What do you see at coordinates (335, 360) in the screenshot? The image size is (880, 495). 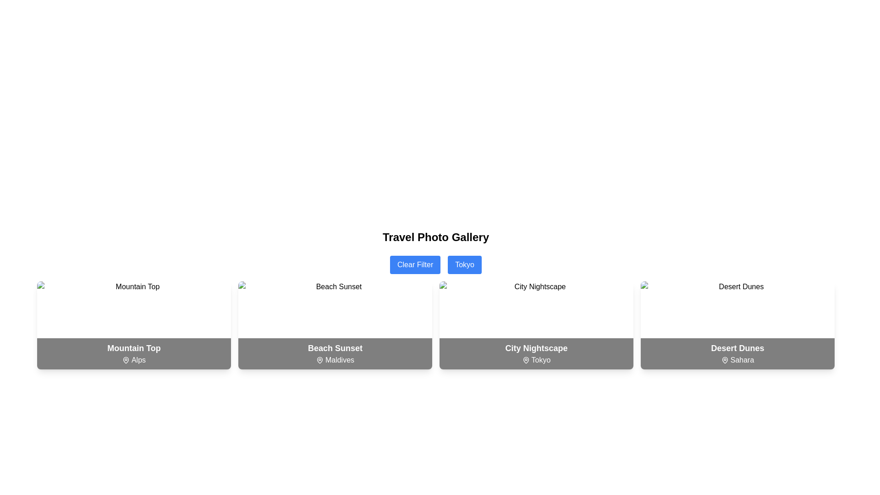 I see `the text label 'Maldives' with the map pin icon, which is centrally aligned within the gray rectangular section at the bottom of the 'Beach Sunset' card` at bounding box center [335, 360].